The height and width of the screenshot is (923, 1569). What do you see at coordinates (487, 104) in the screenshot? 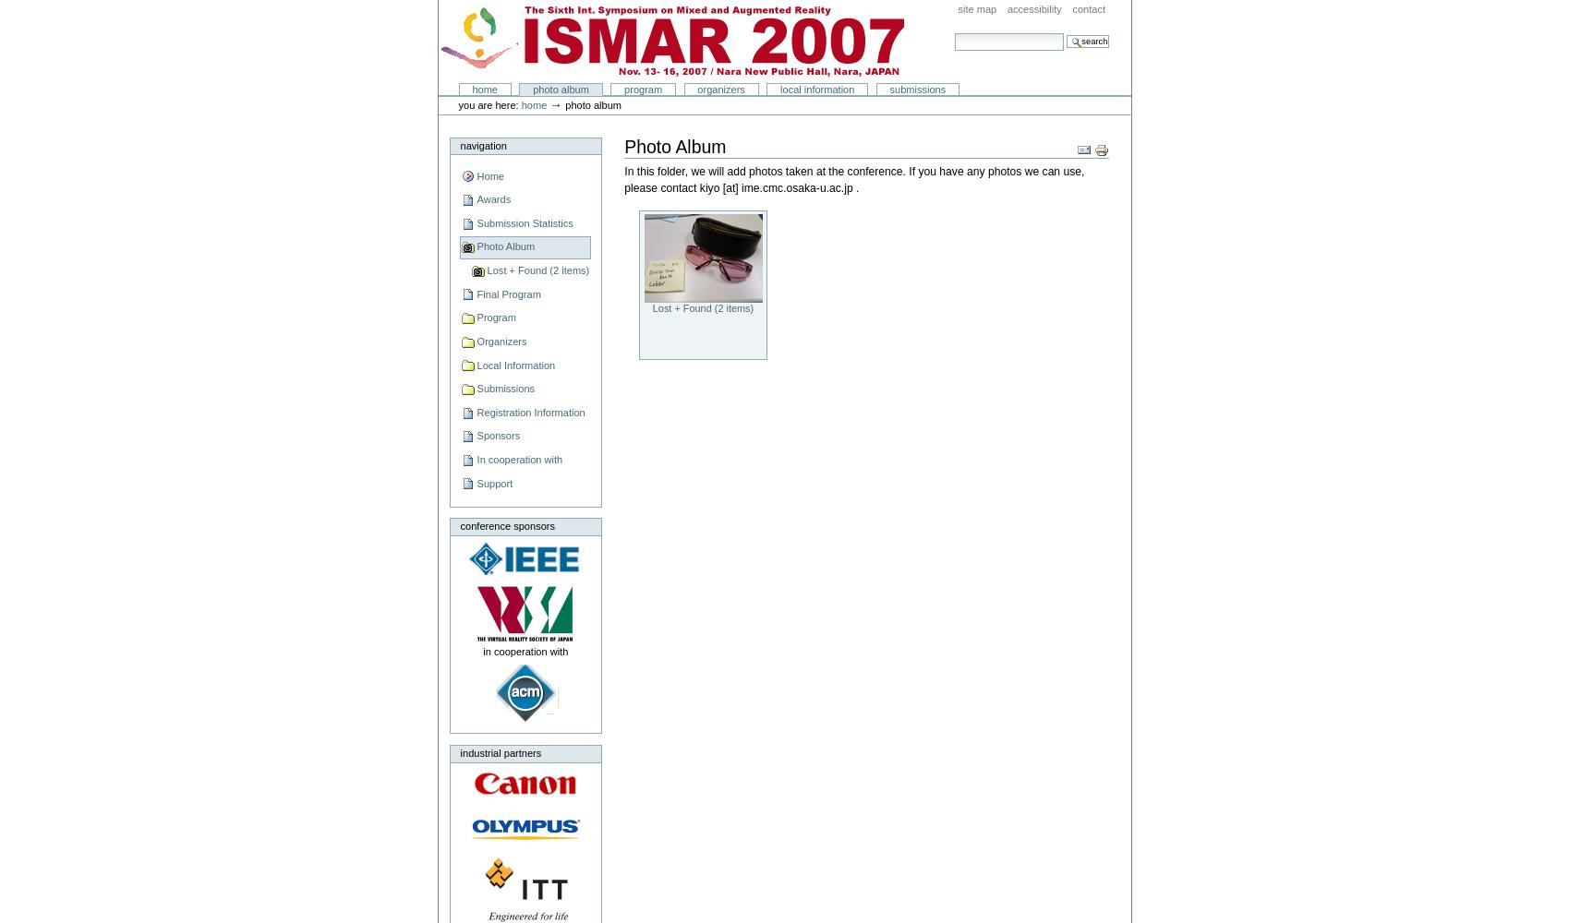
I see `'You 
are here:'` at bounding box center [487, 104].